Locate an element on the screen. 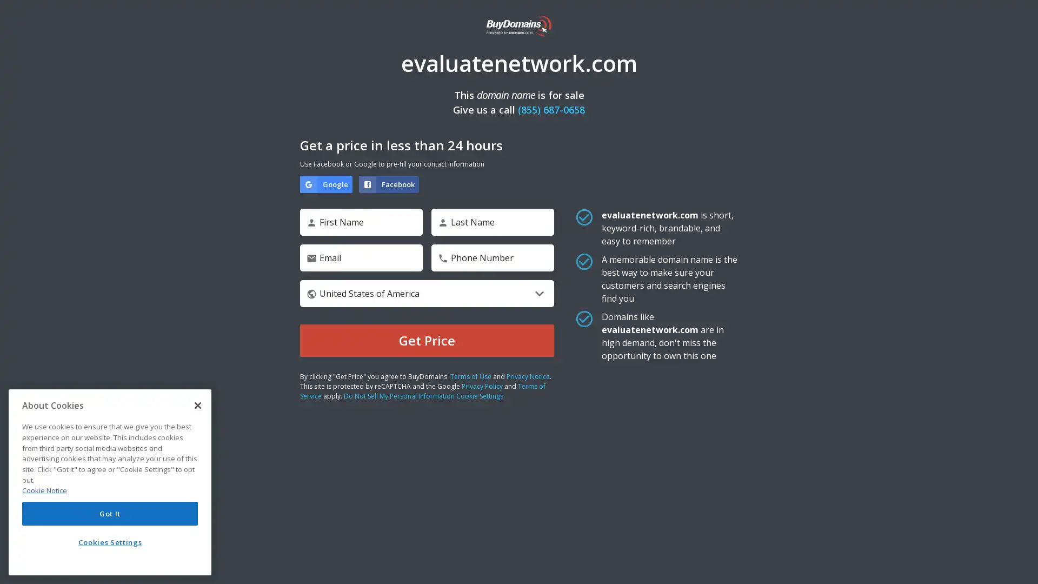 Image resolution: width=1038 pixels, height=584 pixels. Cookies Settings is located at coordinates (110, 542).